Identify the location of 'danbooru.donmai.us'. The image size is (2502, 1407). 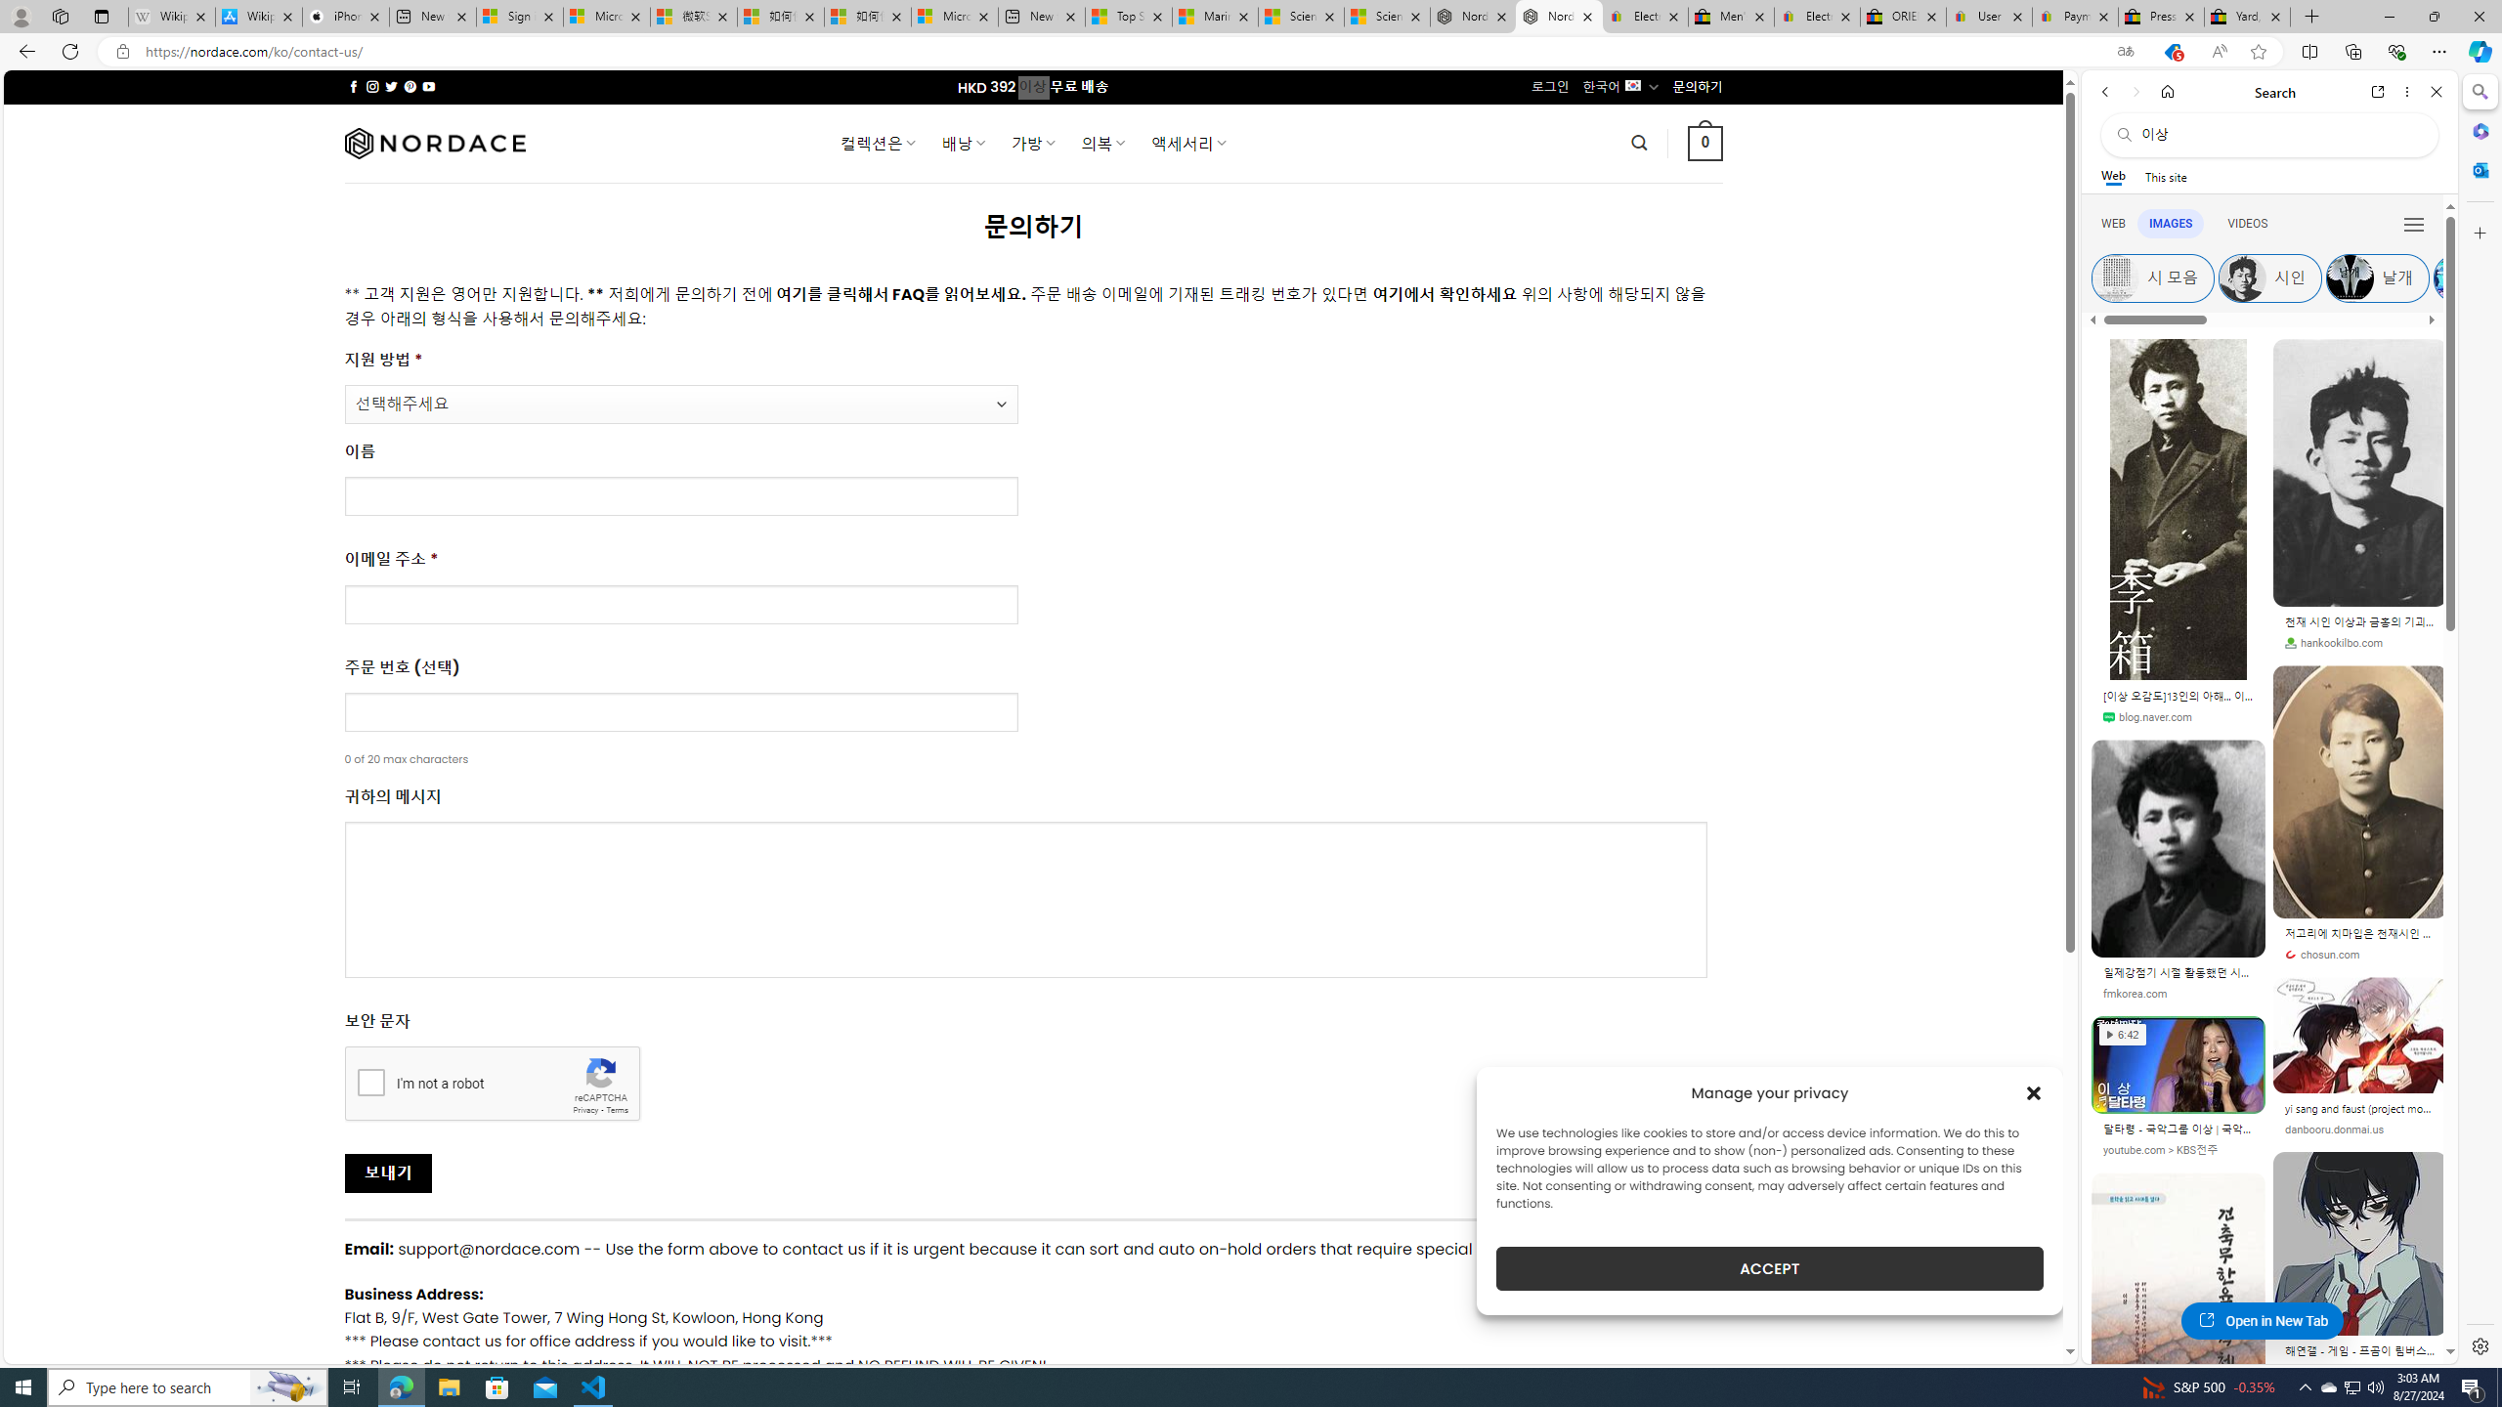
(2334, 1130).